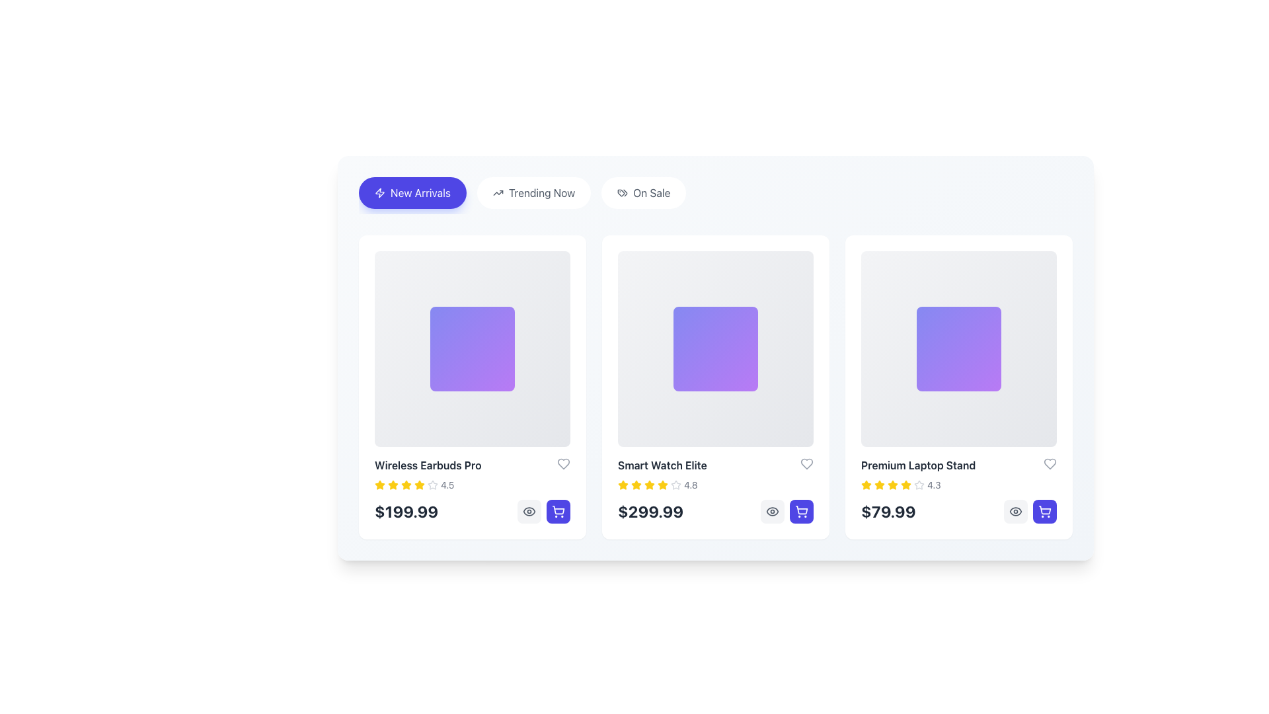  I want to click on the 'On Sale' text label, which is displayed in gray sans-serif font and is positioned to the upper right of the 'Trending Now' button, as part of a button-like interface, so click(652, 193).